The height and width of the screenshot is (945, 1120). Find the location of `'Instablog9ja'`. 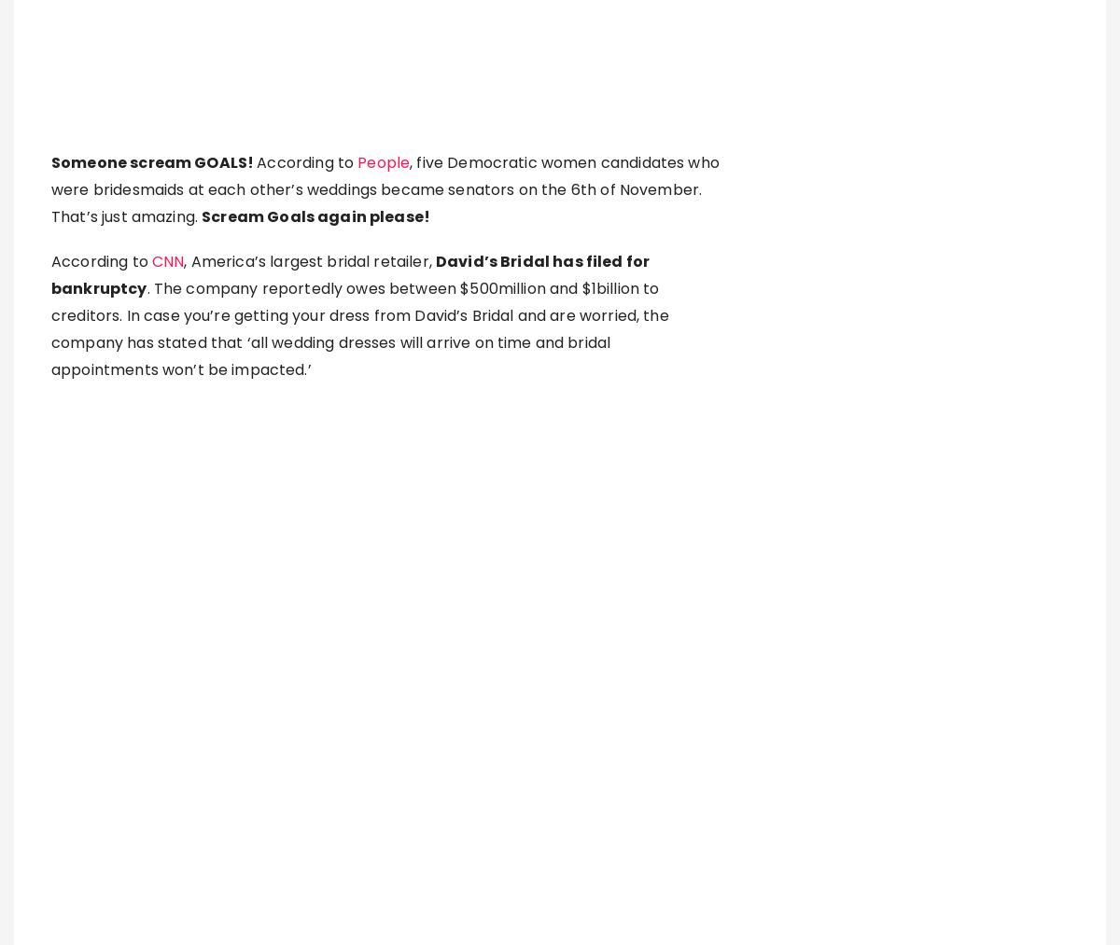

'Instablog9ja' is located at coordinates (195, 755).